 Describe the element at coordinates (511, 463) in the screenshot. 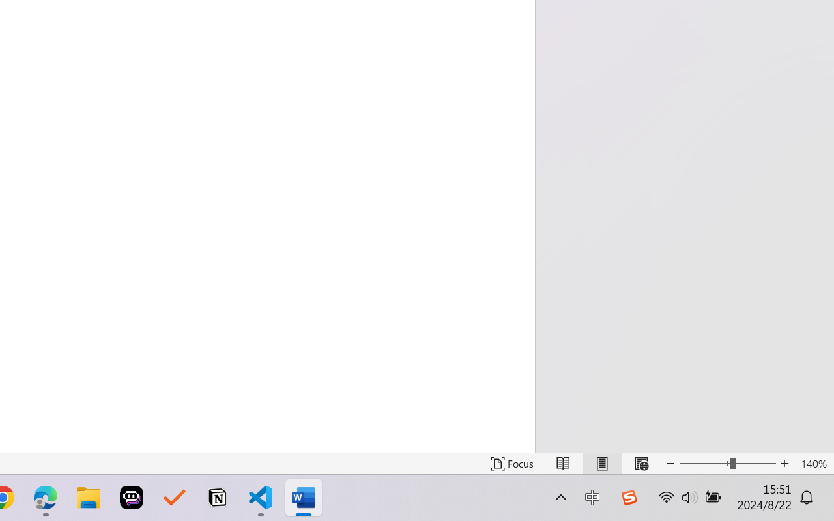

I see `'Focus '` at that location.